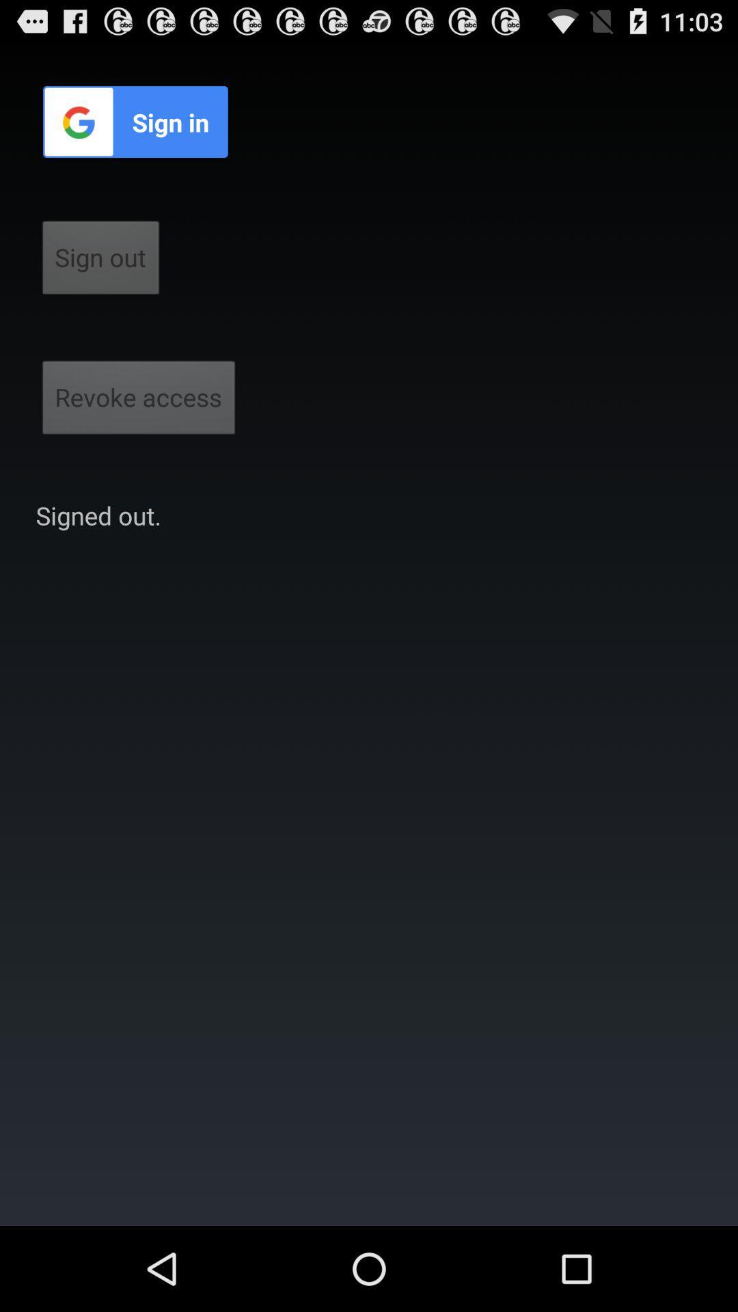  I want to click on the item below the sign in item, so click(100, 262).